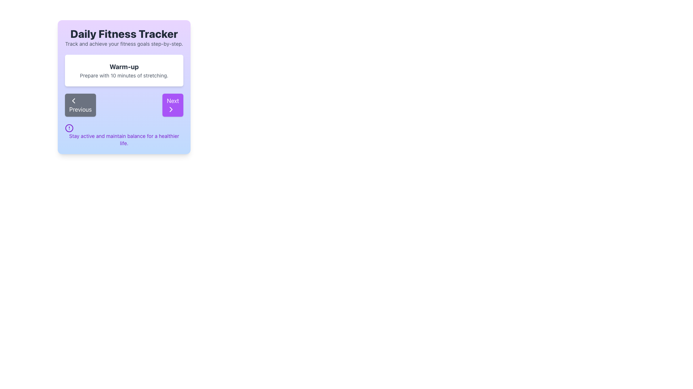  I want to click on the informational text block with icon that provides motivational advice, located below the 'Previous' and 'Next' buttons at the center of the layout, so click(124, 135).